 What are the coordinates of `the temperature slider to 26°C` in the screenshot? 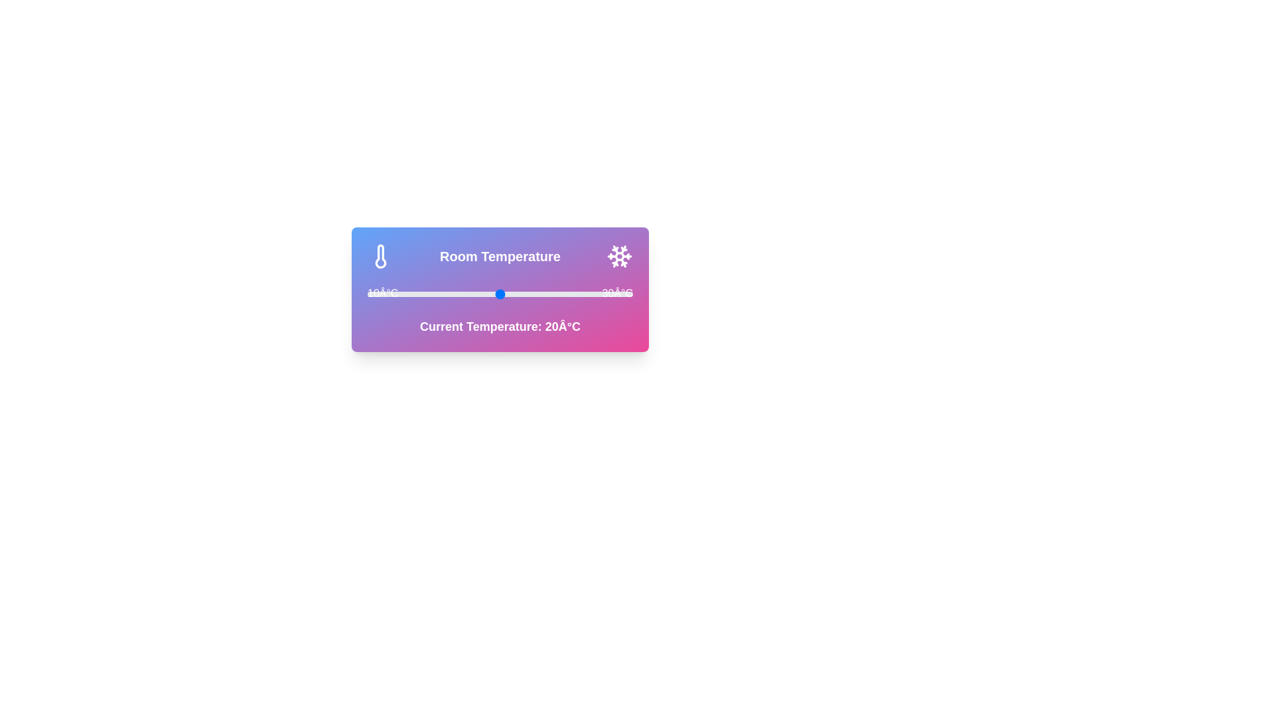 It's located at (579, 293).